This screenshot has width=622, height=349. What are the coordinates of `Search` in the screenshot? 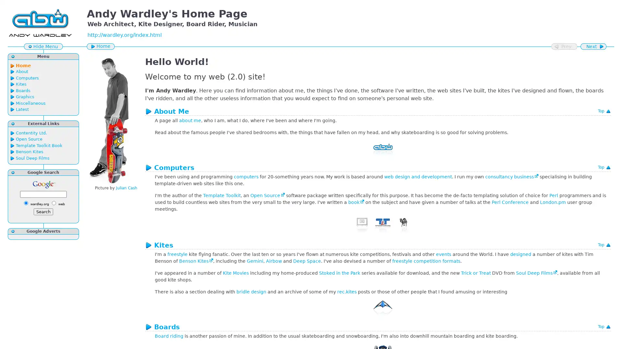 It's located at (43, 211).